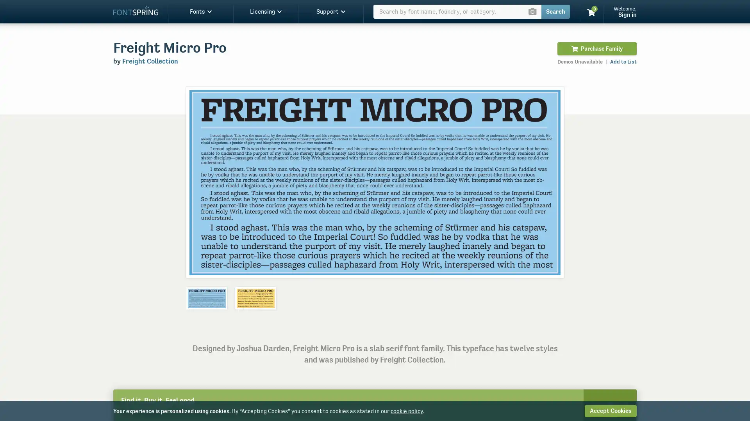 The image size is (750, 421). What do you see at coordinates (610, 410) in the screenshot?
I see `Accept Cookies` at bounding box center [610, 410].